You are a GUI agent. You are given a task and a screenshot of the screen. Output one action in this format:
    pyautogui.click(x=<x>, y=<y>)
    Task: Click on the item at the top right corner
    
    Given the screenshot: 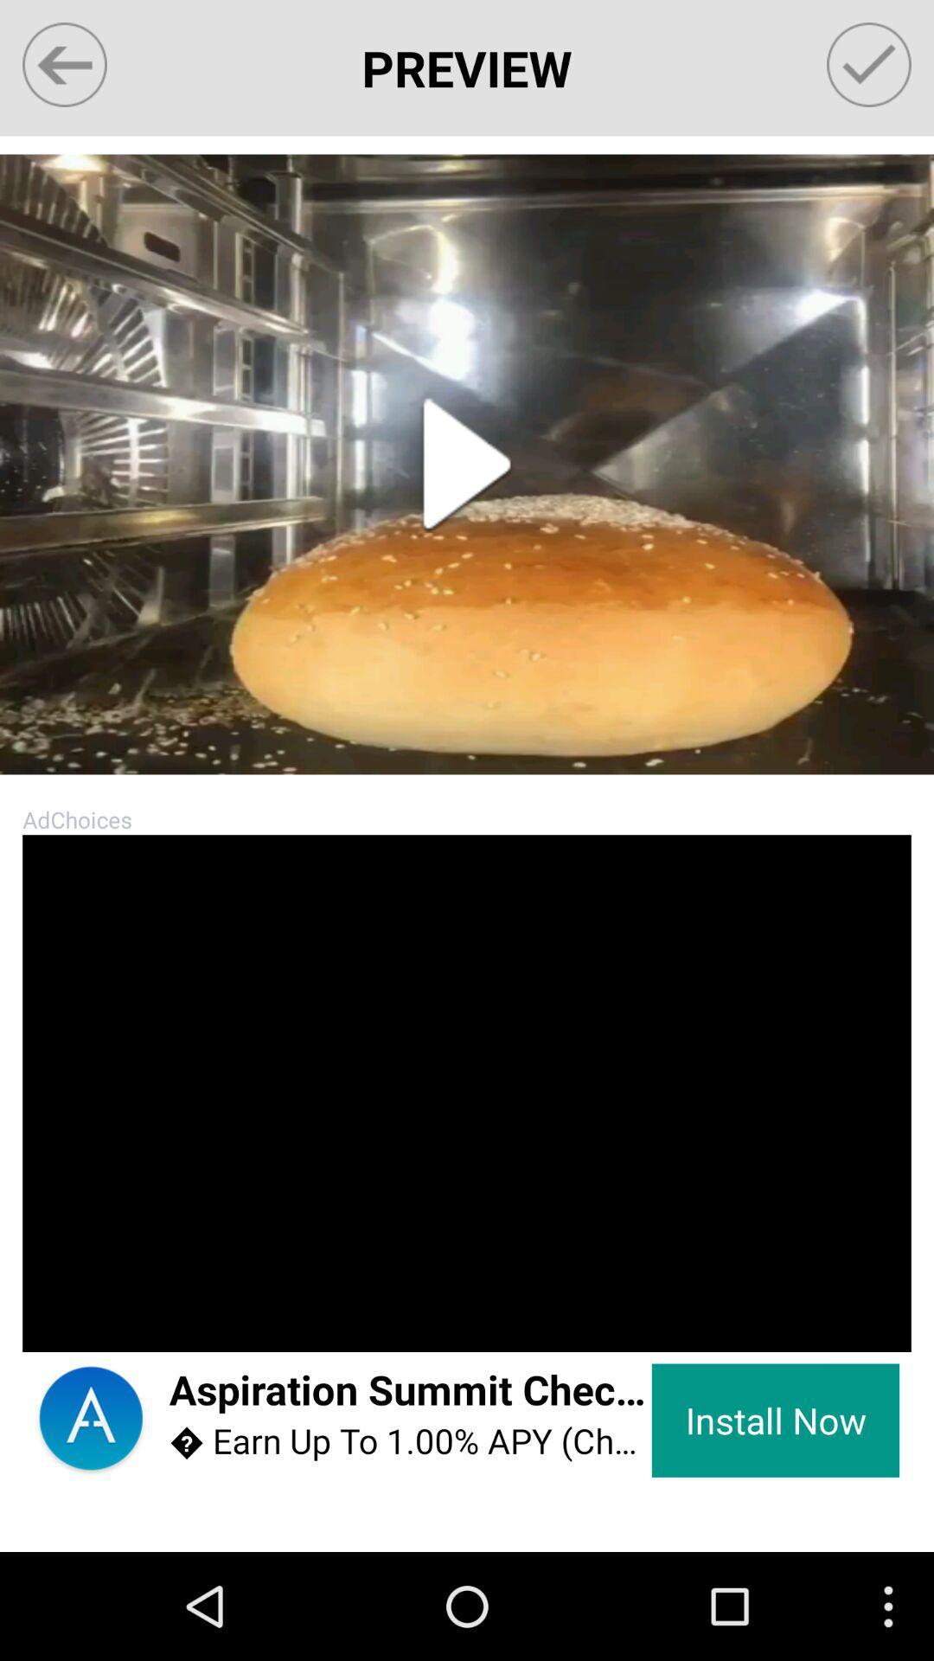 What is the action you would take?
    pyautogui.click(x=869, y=65)
    